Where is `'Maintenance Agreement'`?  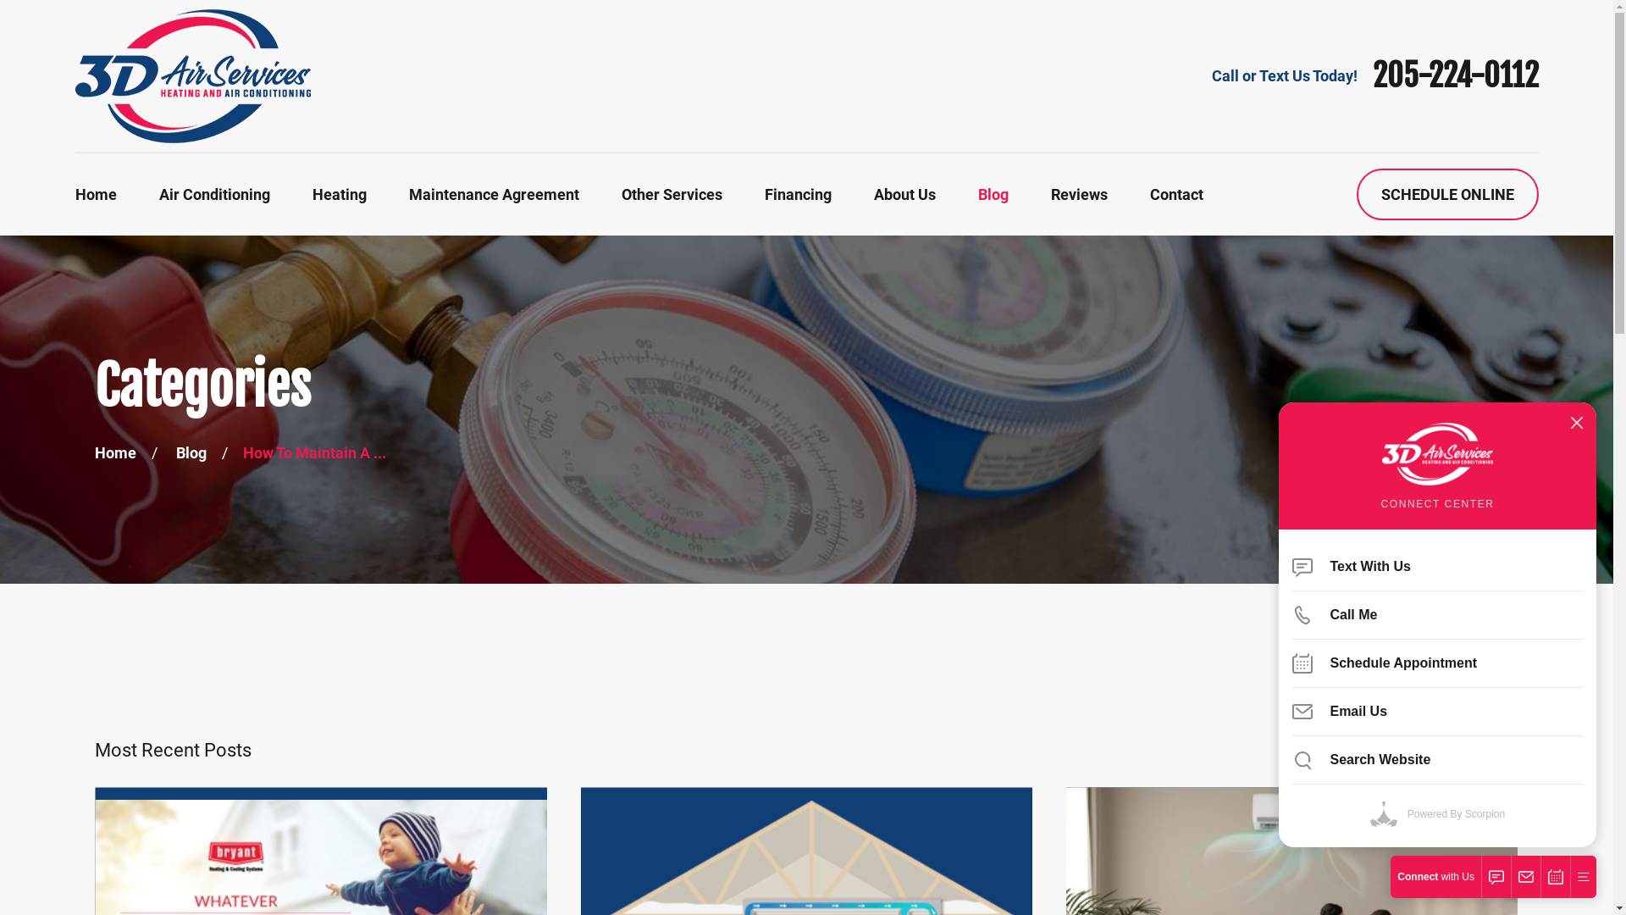
'Maintenance Agreement' is located at coordinates (492, 194).